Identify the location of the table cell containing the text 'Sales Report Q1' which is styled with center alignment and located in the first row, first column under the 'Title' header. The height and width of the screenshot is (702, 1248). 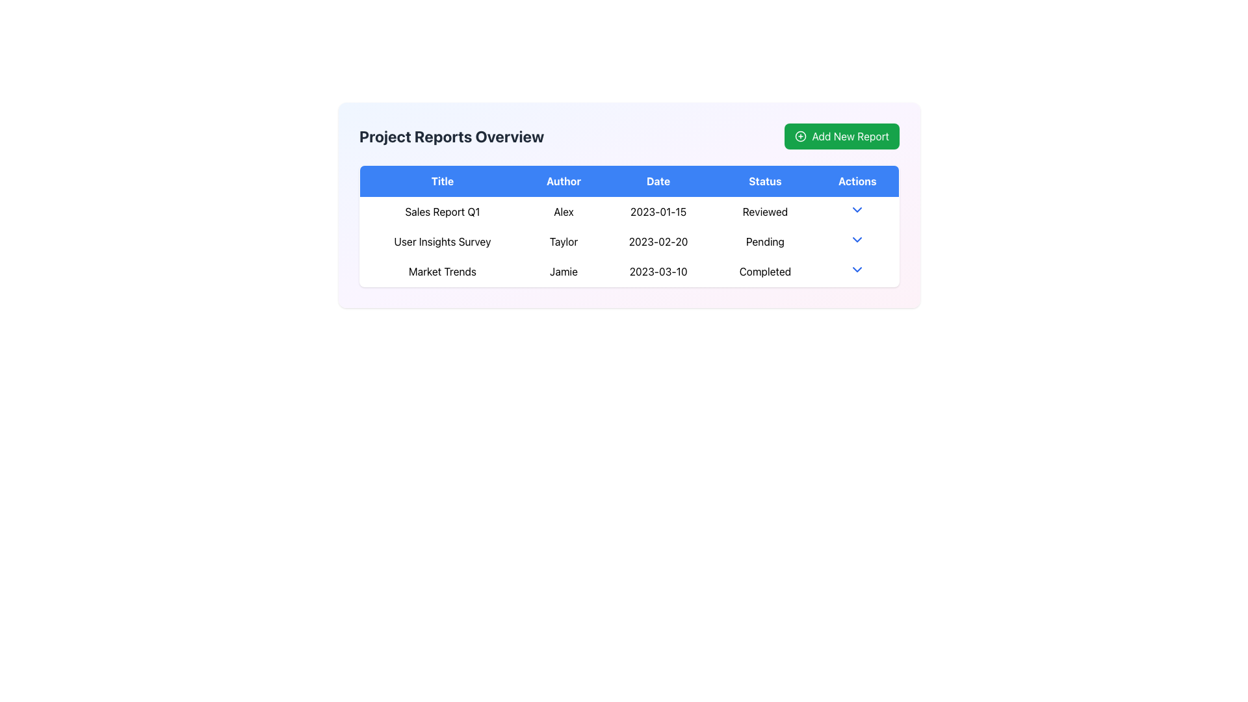
(442, 211).